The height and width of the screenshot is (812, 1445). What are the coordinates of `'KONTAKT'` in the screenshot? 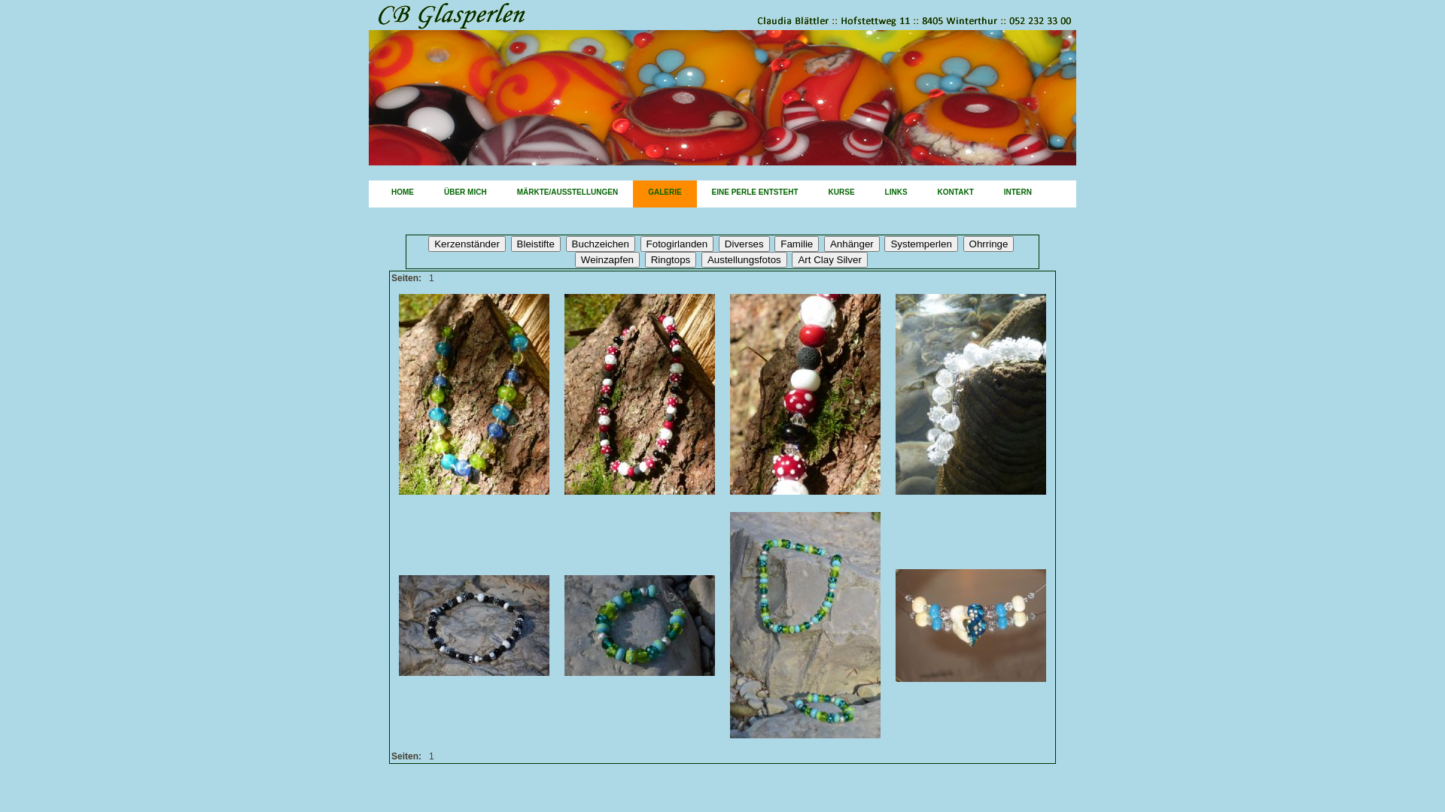 It's located at (921, 193).